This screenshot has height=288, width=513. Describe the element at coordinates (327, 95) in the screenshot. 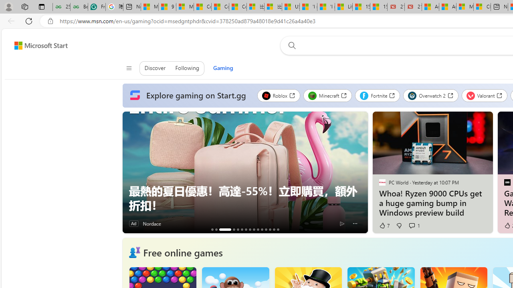

I see `'Minecraft'` at that location.